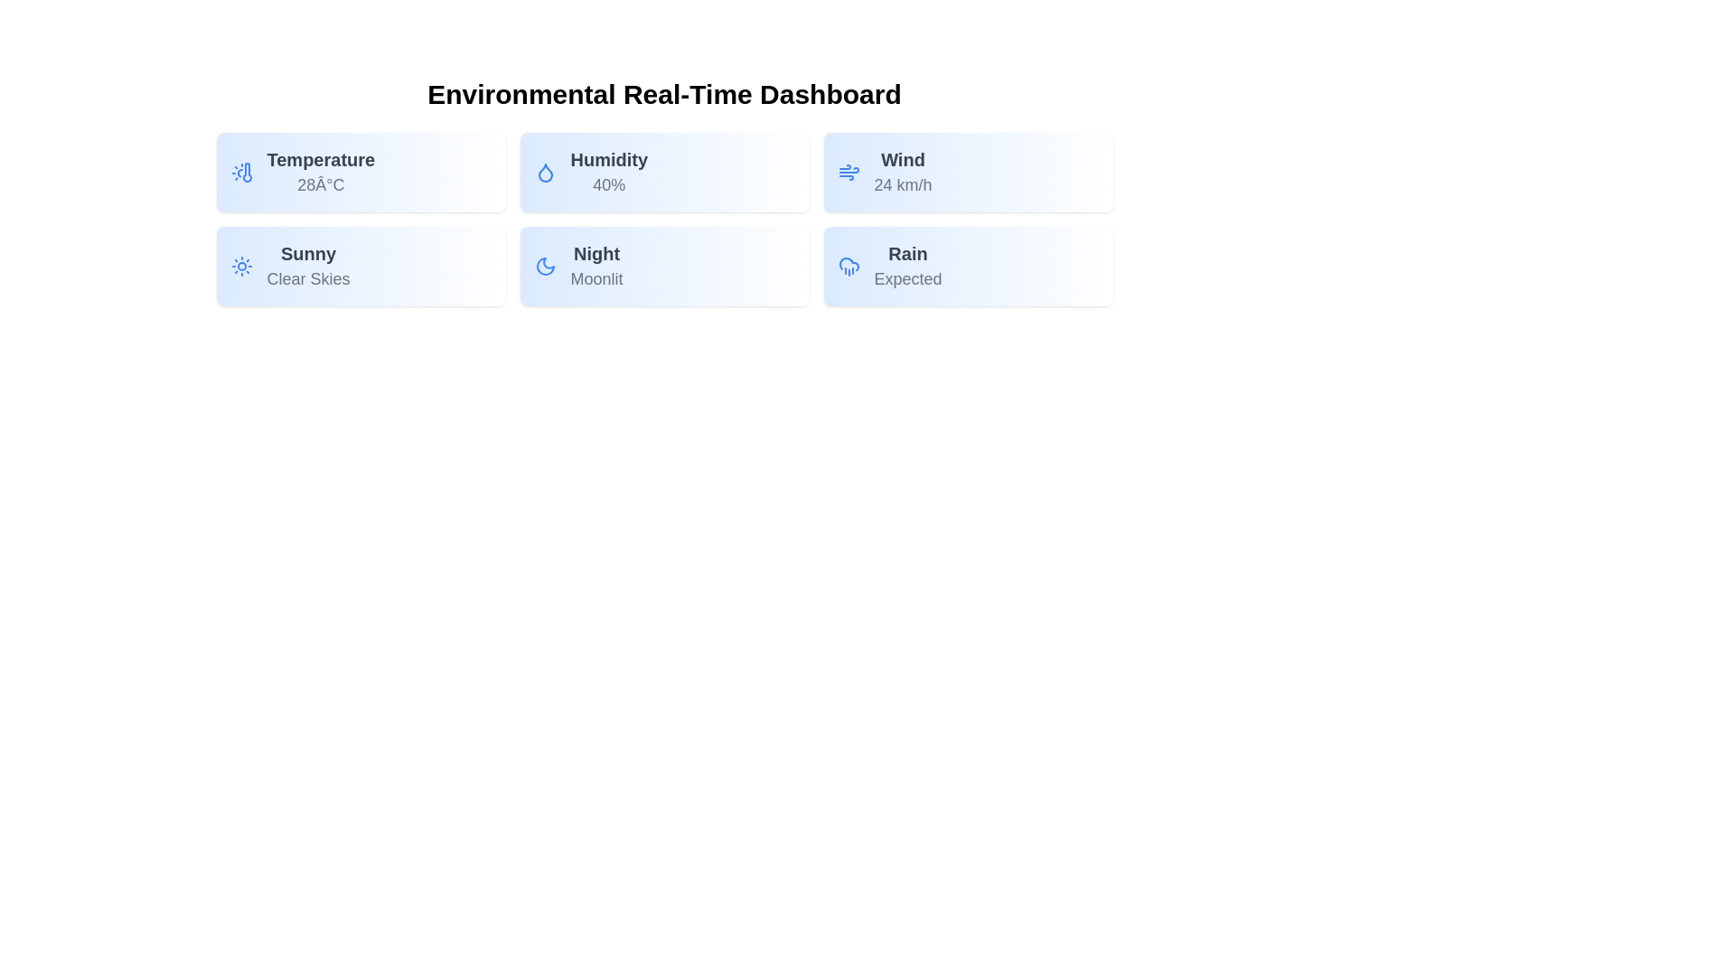 This screenshot has width=1735, height=976. What do you see at coordinates (308, 278) in the screenshot?
I see `descriptive text label located below the 'Sunny' text within the weather tile in the top-left quadrant of the interface` at bounding box center [308, 278].